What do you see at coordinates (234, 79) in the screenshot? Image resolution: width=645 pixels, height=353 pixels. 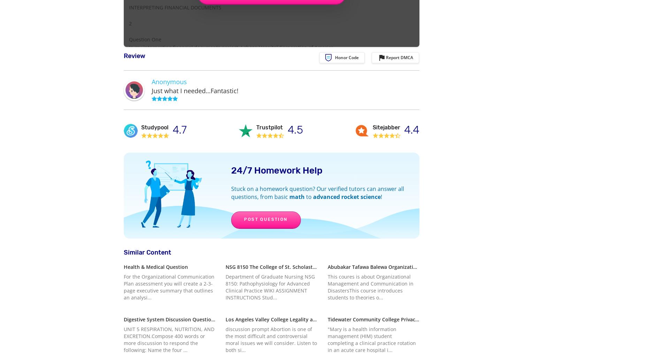 I see `'Heart Association (AHA) as my not-for-profit organization. AHA is headquartered in Dallas,'` at bounding box center [234, 79].